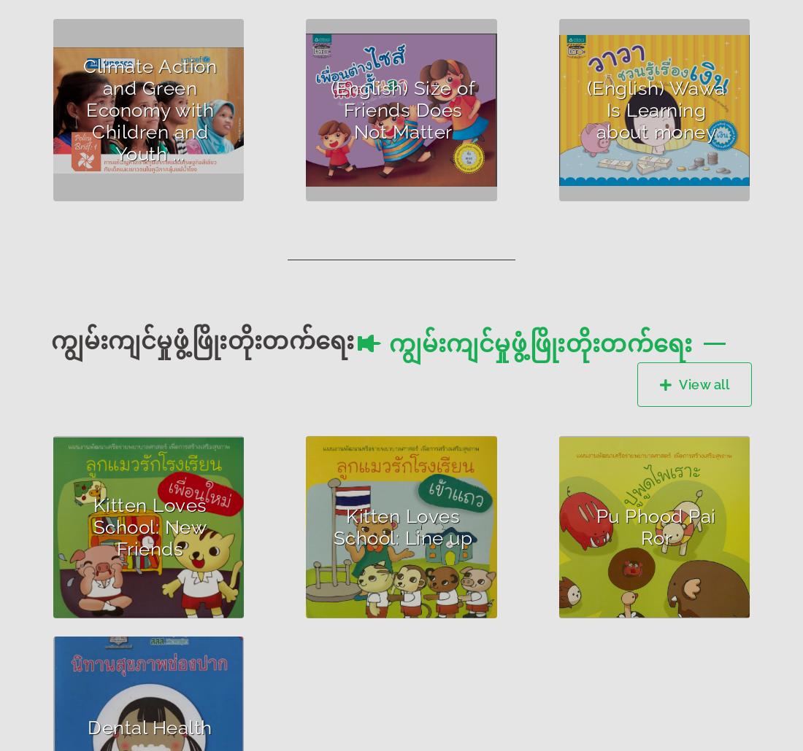 The width and height of the screenshot is (803, 751). What do you see at coordinates (149, 726) in the screenshot?
I see `'Dental Health'` at bounding box center [149, 726].